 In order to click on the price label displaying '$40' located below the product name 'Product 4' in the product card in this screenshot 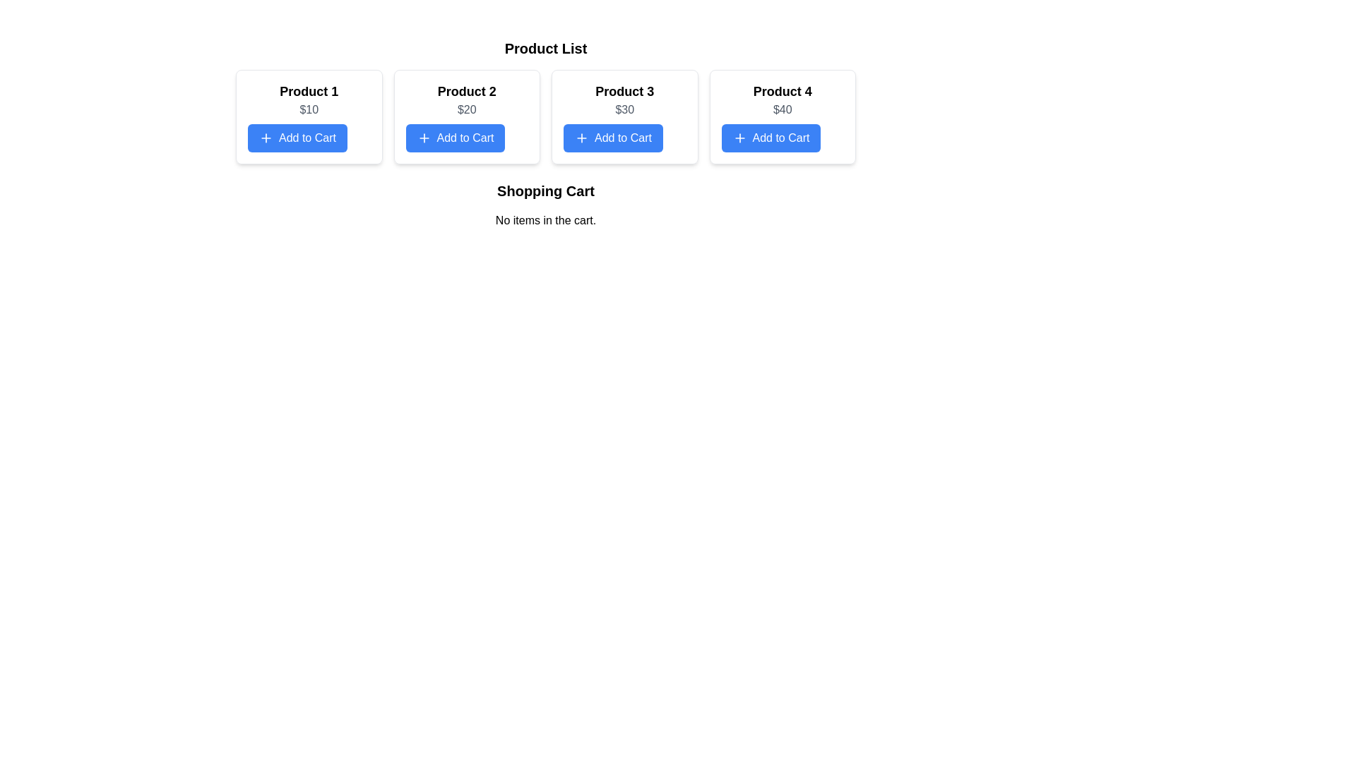, I will do `click(782, 109)`.